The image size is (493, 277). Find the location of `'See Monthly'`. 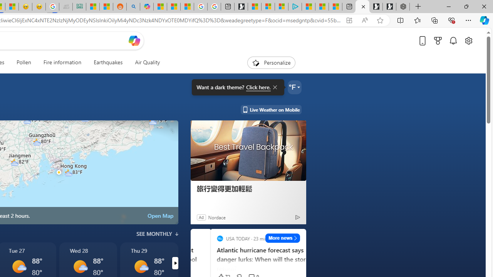

'See Monthly' is located at coordinates (157, 234).